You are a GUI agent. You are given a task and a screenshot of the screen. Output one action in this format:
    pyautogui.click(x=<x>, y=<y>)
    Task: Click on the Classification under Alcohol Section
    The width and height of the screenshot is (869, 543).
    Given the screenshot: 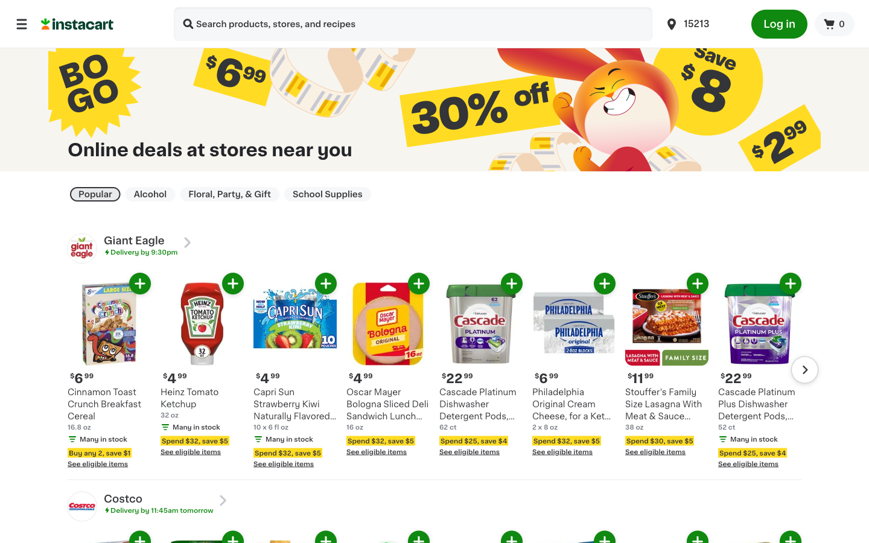 What is the action you would take?
    pyautogui.click(x=149, y=194)
    